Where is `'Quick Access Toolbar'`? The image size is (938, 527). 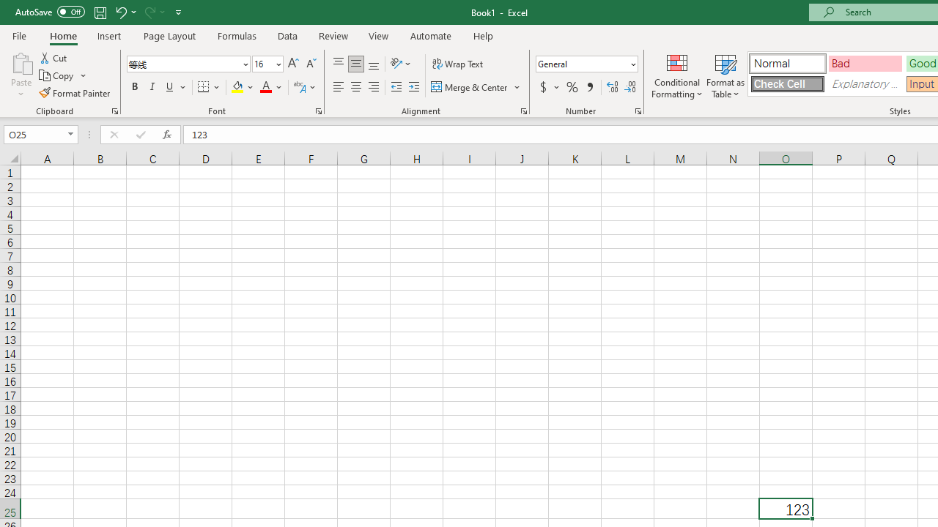
'Quick Access Toolbar' is located at coordinates (99, 12).